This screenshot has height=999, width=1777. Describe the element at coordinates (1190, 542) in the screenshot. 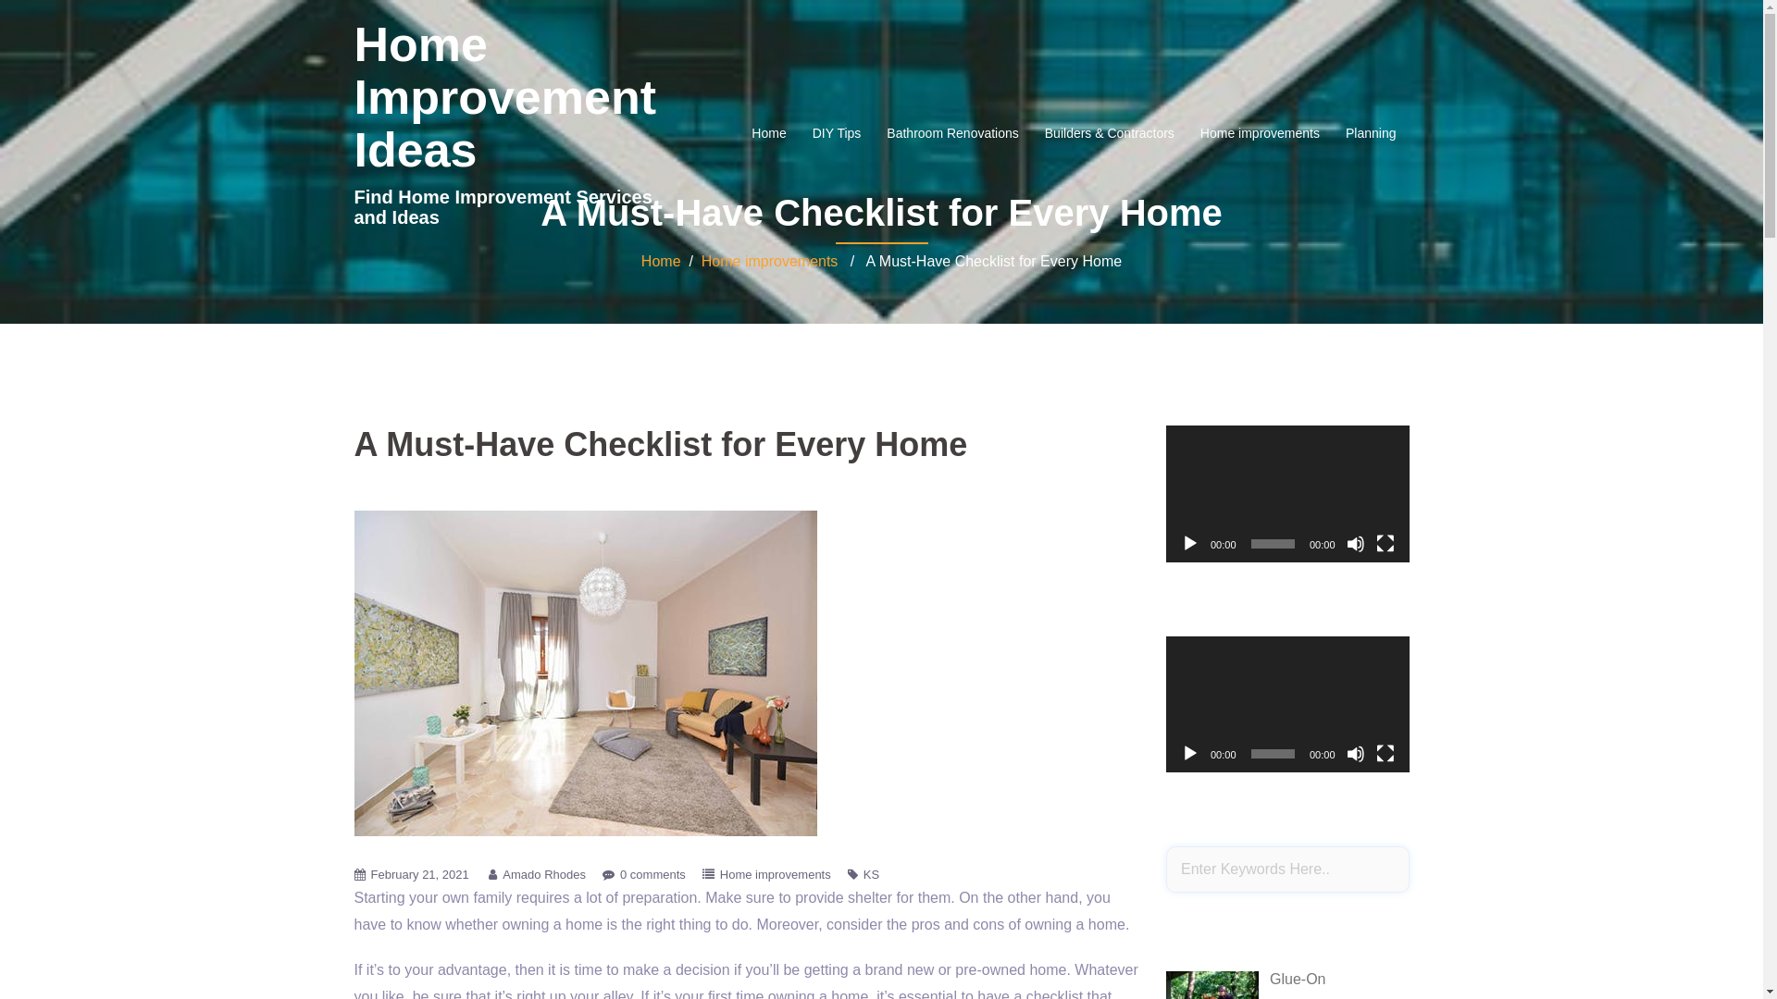

I see `'Play'` at that location.